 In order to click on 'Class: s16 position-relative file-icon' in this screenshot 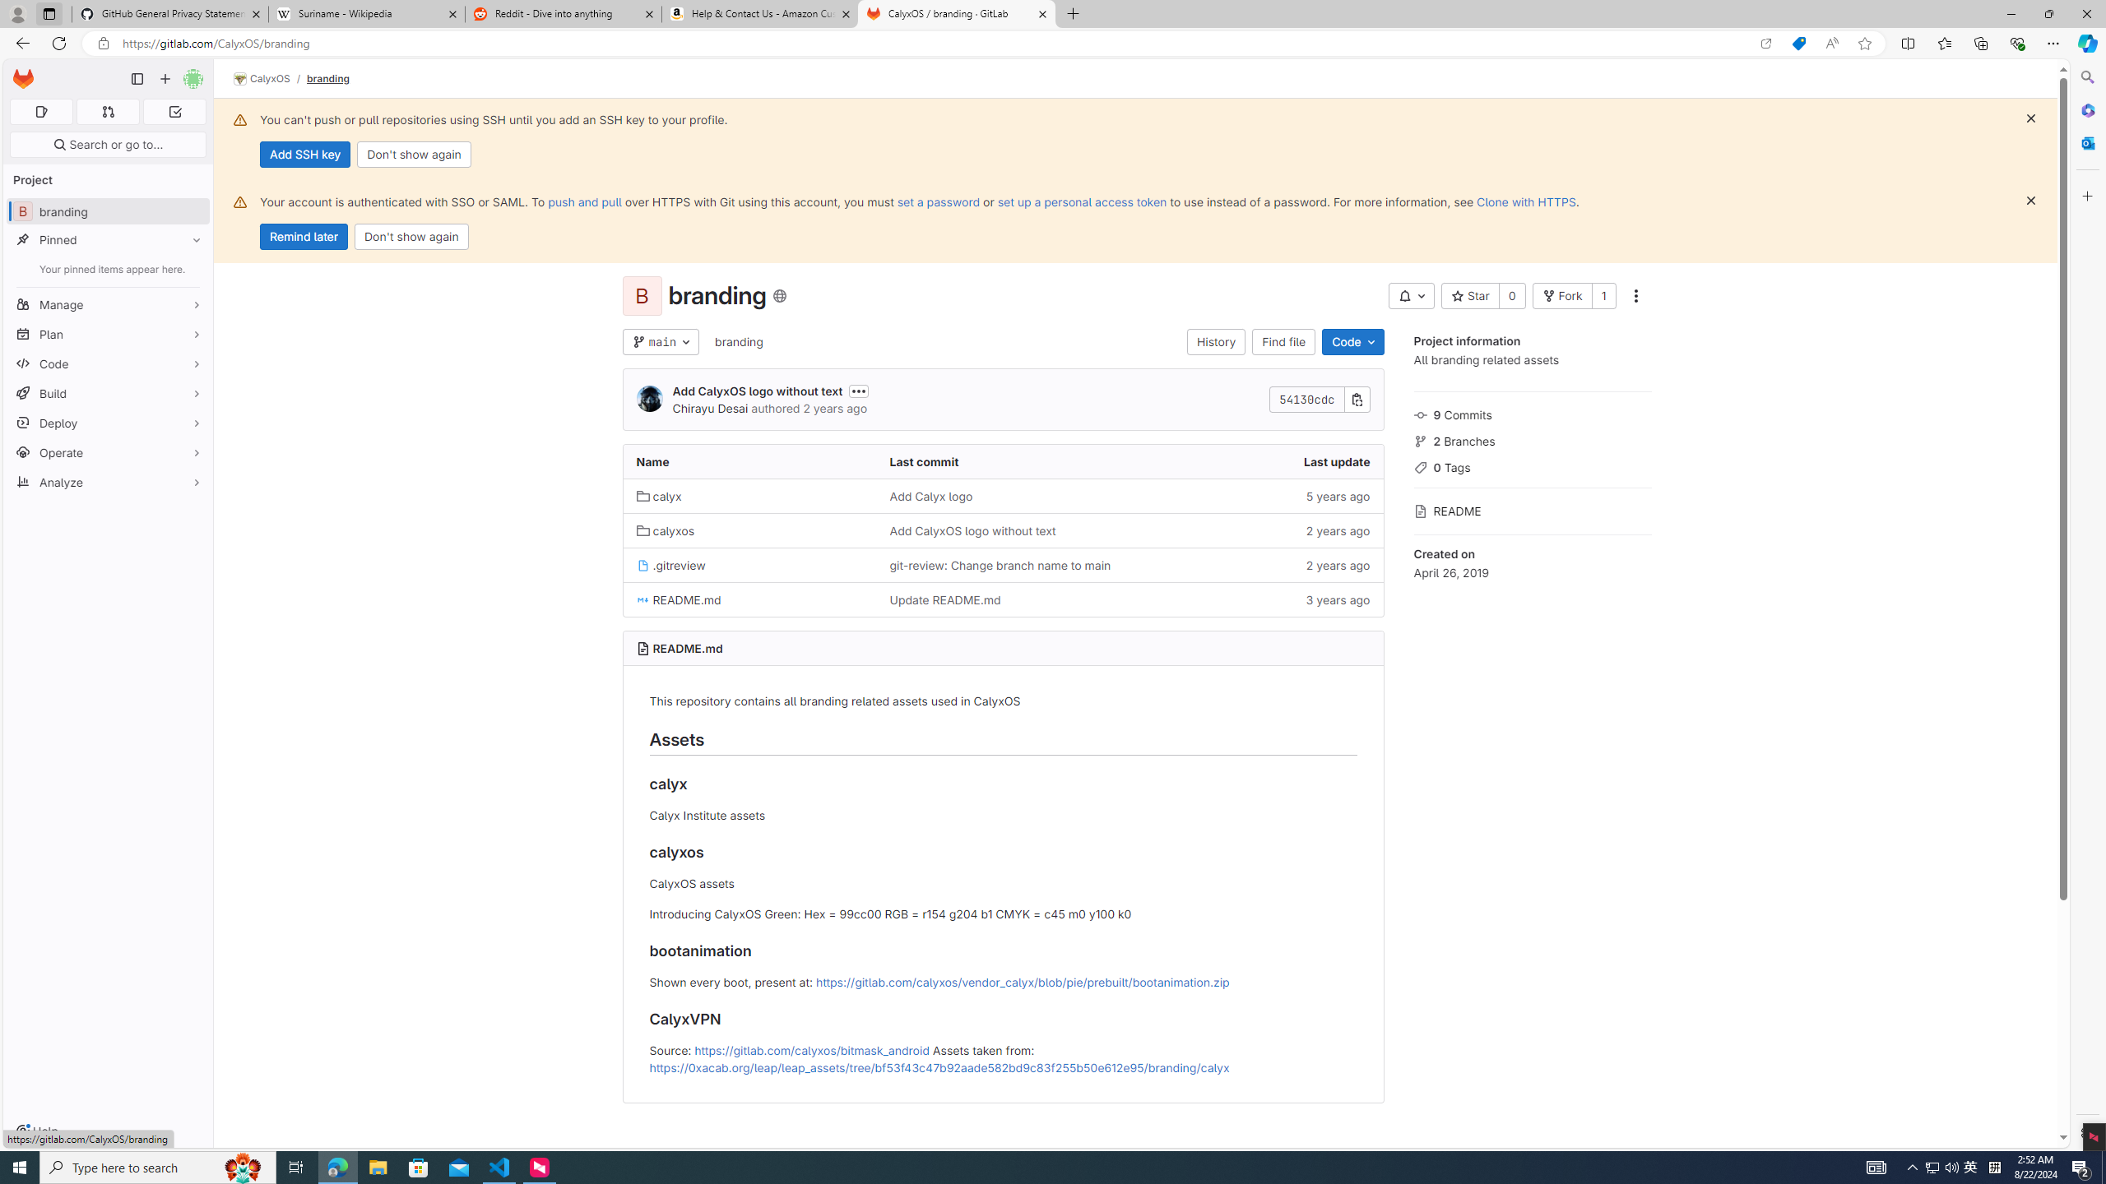, I will do `click(643, 599)`.